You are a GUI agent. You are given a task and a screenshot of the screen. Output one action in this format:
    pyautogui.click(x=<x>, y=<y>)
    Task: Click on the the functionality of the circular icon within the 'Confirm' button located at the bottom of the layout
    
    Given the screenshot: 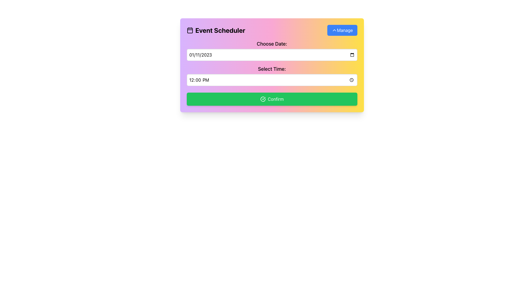 What is the action you would take?
    pyautogui.click(x=263, y=99)
    